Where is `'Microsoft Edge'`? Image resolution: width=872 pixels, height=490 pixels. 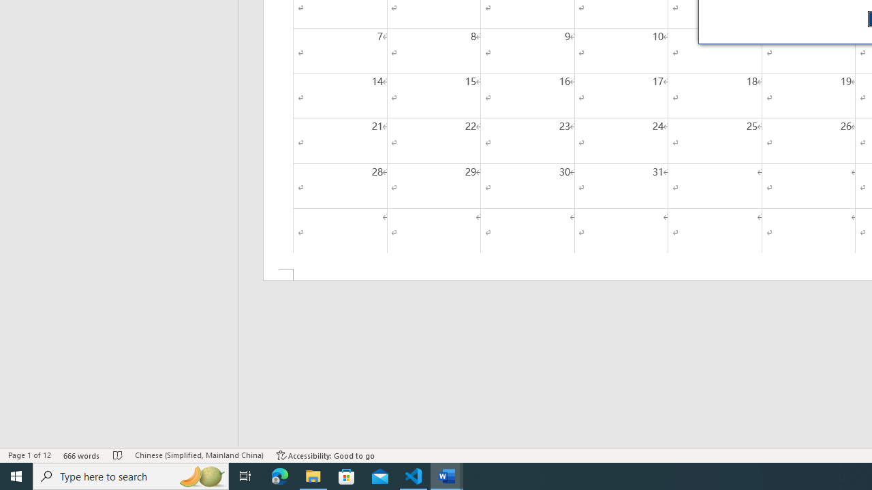 'Microsoft Edge' is located at coordinates (279, 475).